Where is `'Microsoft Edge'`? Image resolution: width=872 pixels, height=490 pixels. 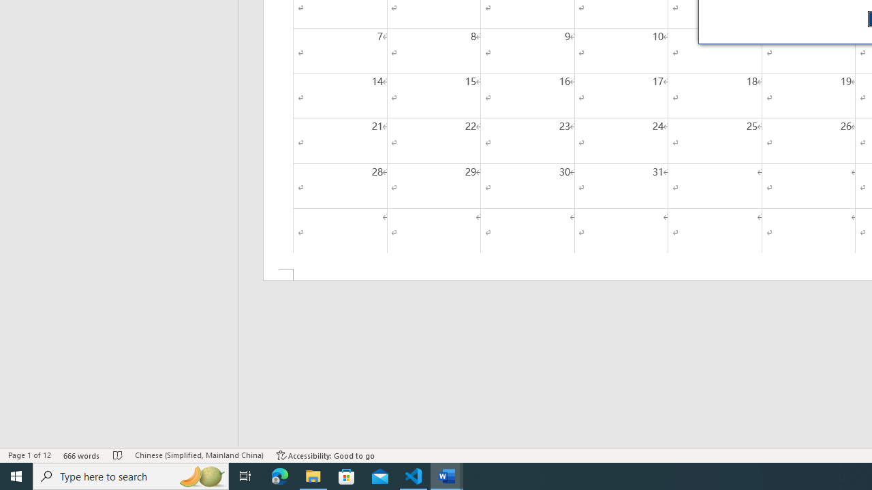 'Microsoft Edge' is located at coordinates (279, 475).